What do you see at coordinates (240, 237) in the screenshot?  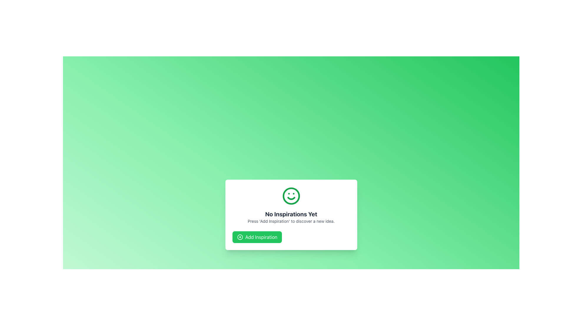 I see `the circular green '+' icon located to the left of the 'Add Inspiration' text within the green button` at bounding box center [240, 237].